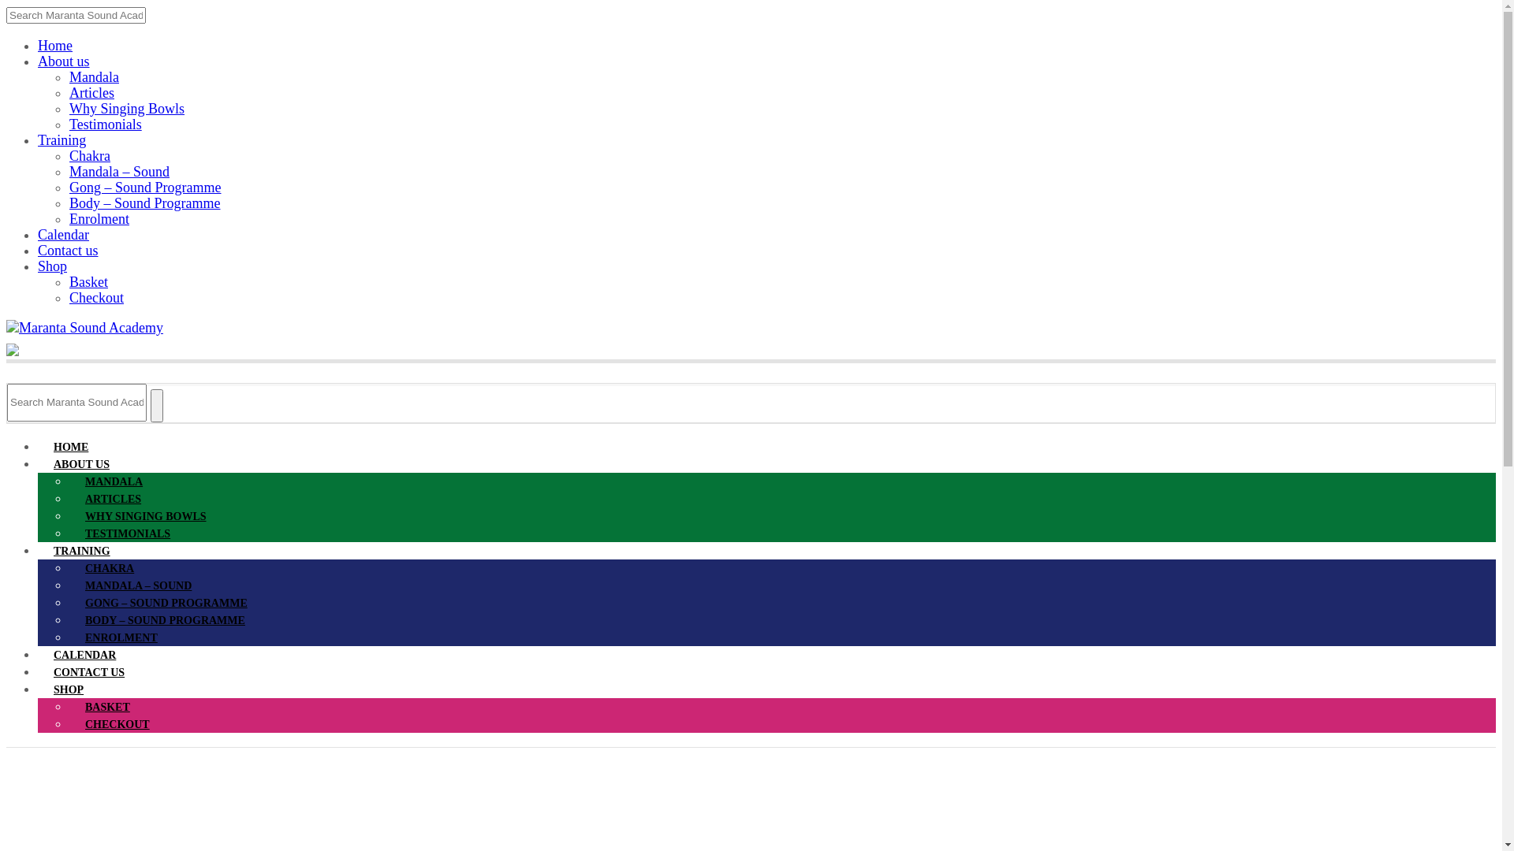 This screenshot has width=1514, height=851. What do you see at coordinates (67, 249) in the screenshot?
I see `'Contact us'` at bounding box center [67, 249].